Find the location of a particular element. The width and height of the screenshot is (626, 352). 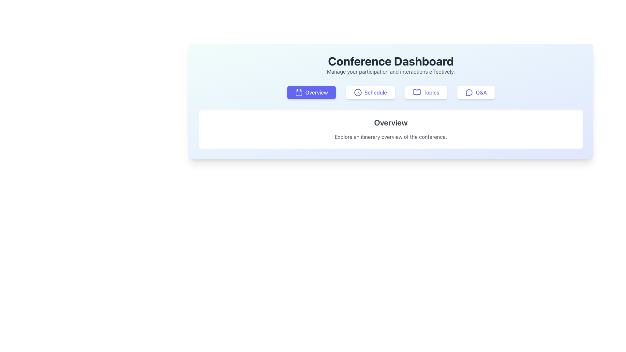

the 'Q&A' button, which is a rectangular button with rounded corners, featuring white background and indigo text with a speech bubble icon is located at coordinates (476, 93).